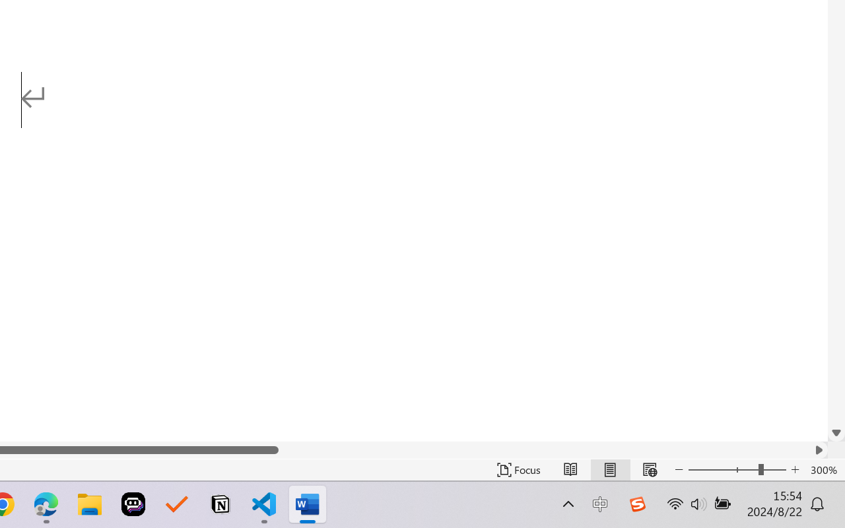  I want to click on 'Line down', so click(836, 432).